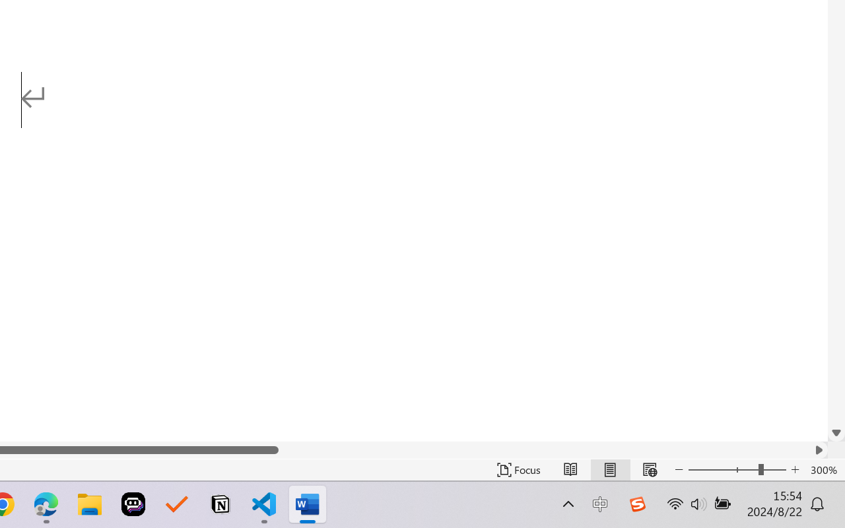  I want to click on 'Line down', so click(836, 432).